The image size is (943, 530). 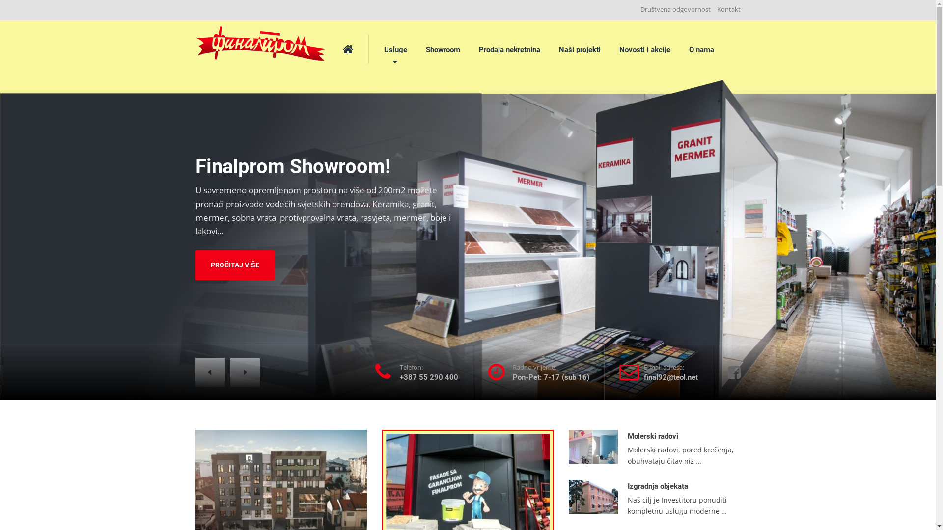 I want to click on 'O nama', so click(x=701, y=49).